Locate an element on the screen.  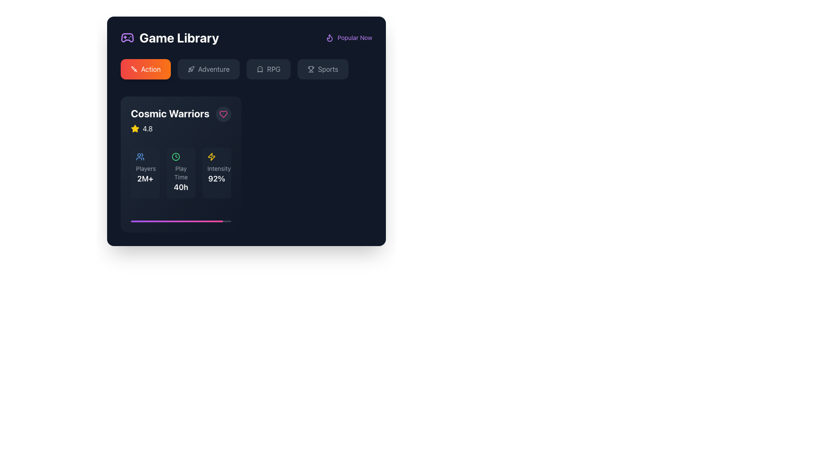
the lightning bolt-shaped icon styled in yellow within the Cosmic Warriors section of the user interface, located beneath the Intensity information block is located at coordinates (212, 157).